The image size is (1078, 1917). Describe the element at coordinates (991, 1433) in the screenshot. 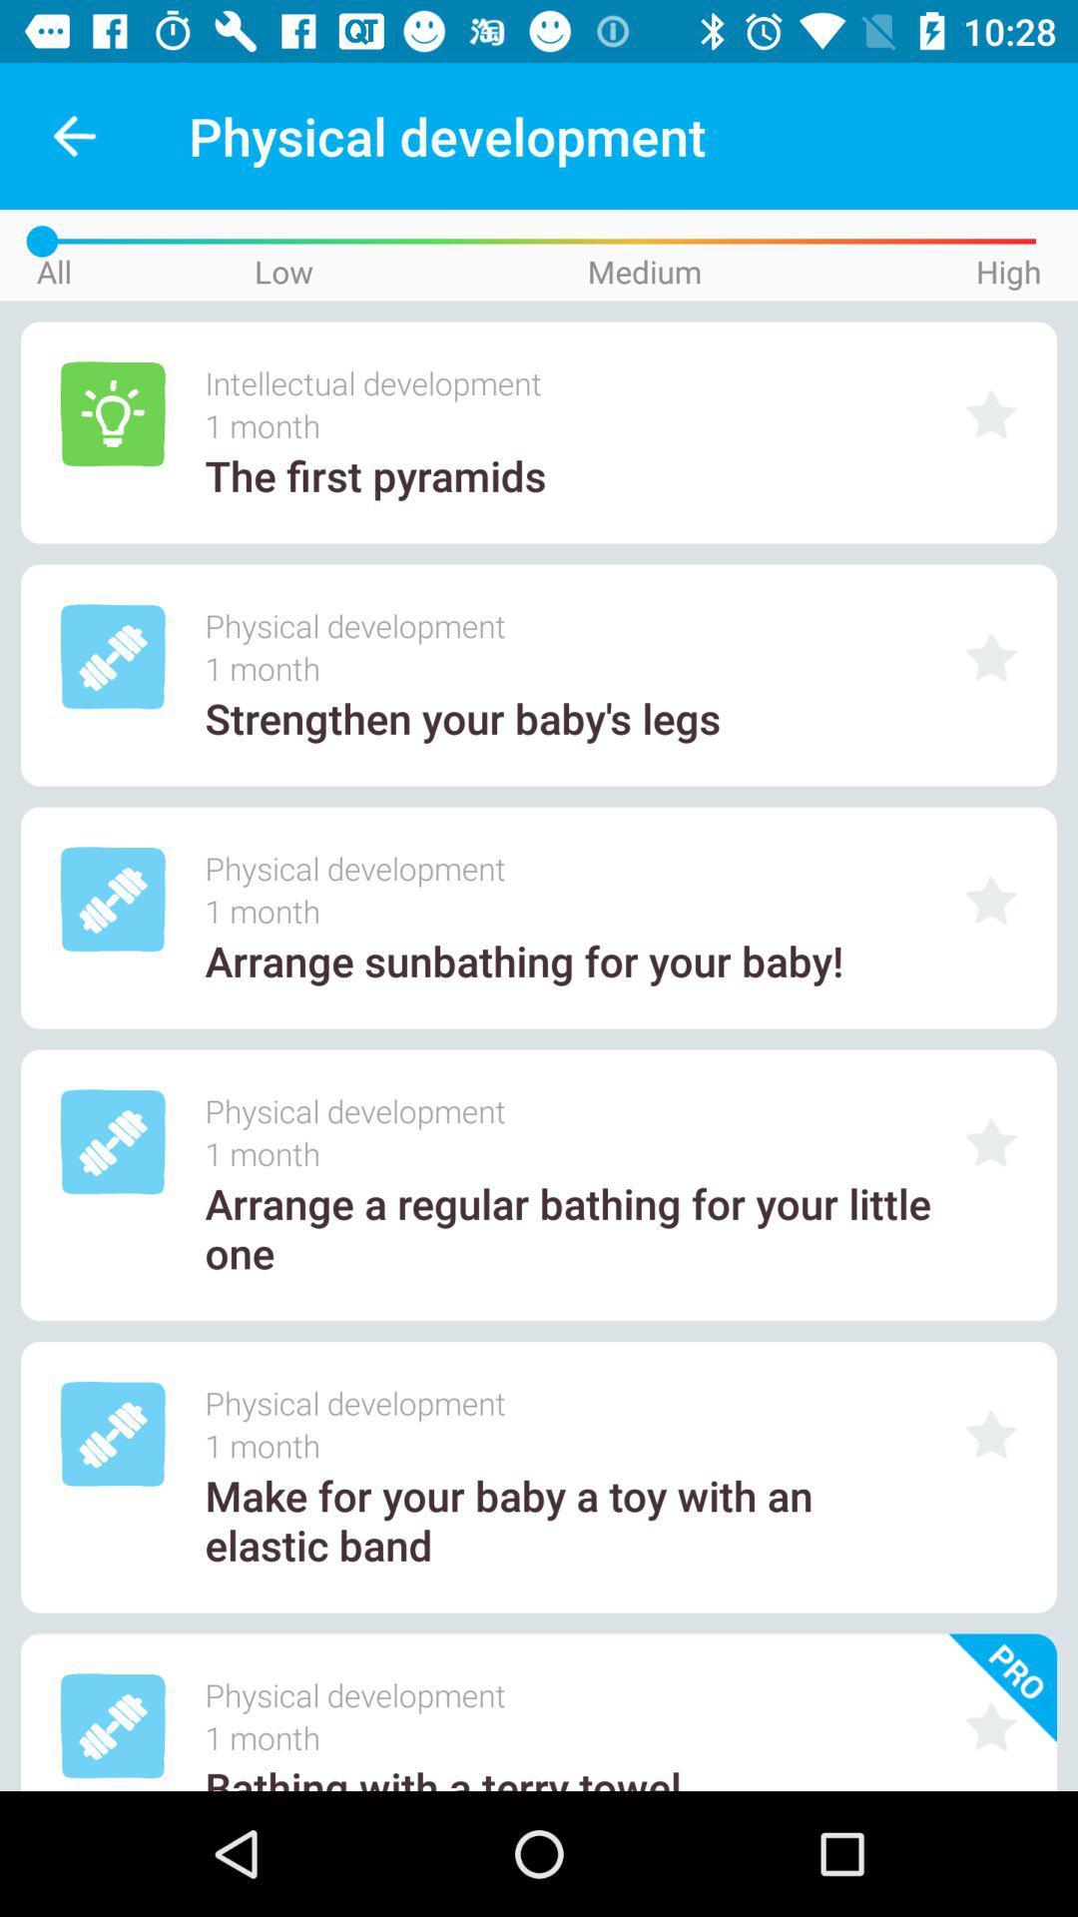

I see `to favorite` at that location.